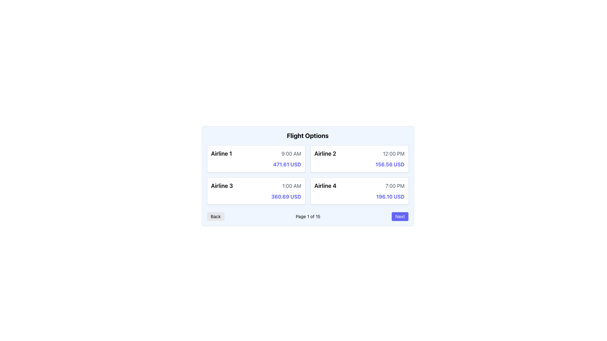 This screenshot has height=341, width=607. What do you see at coordinates (222, 186) in the screenshot?
I see `the bold text label displaying 'Airline 3', which is located in the bottom-left quadrant of the flight options grid` at bounding box center [222, 186].